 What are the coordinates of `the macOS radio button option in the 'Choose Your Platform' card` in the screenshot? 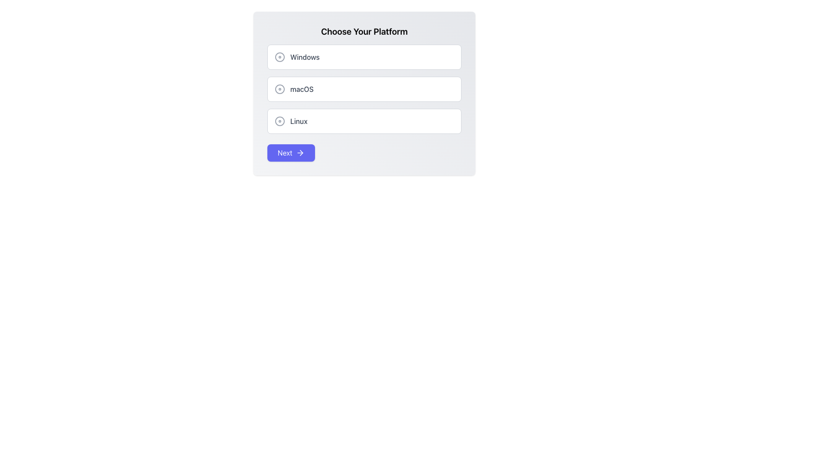 It's located at (364, 89).